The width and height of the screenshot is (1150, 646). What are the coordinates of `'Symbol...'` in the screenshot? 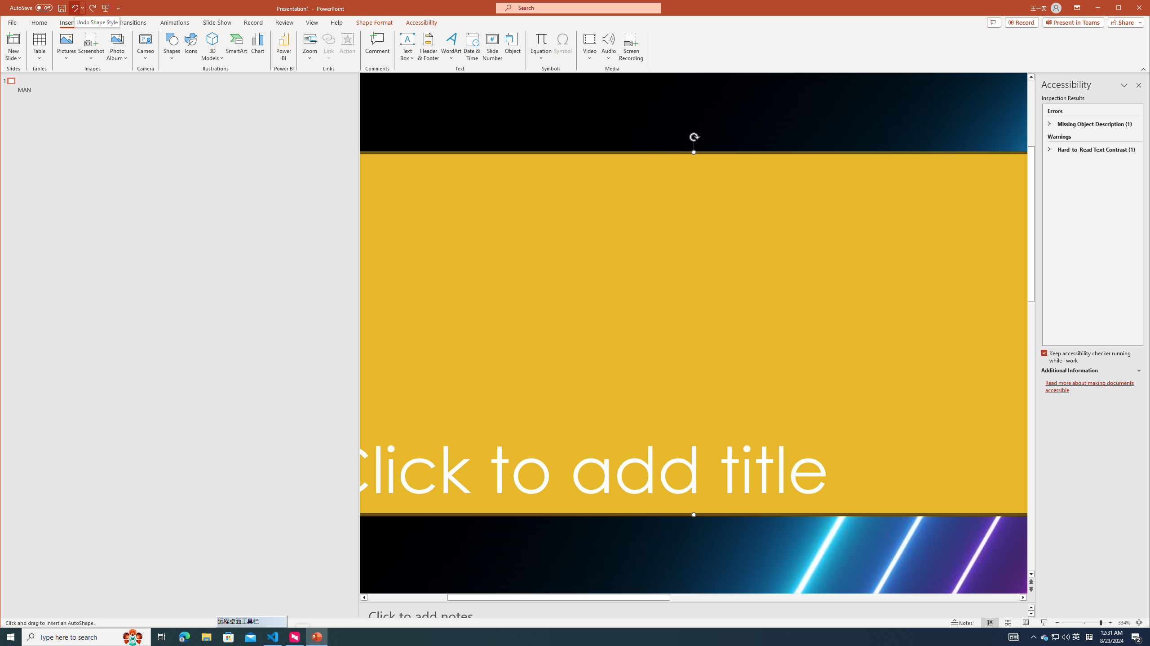 It's located at (562, 46).